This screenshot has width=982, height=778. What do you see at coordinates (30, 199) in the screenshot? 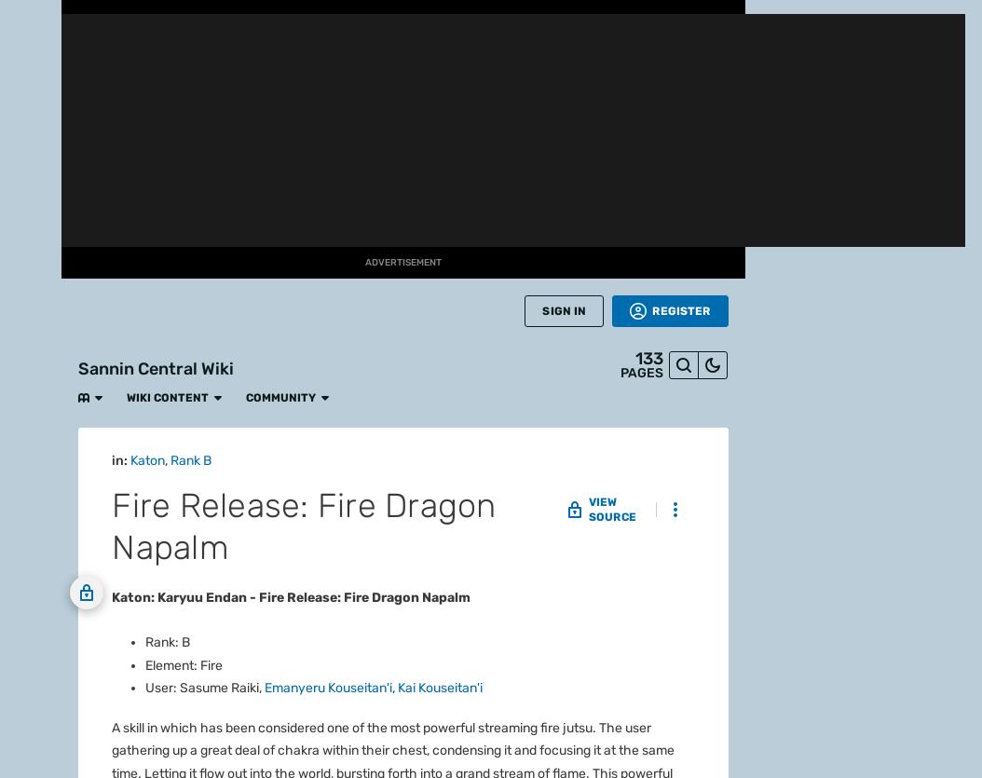
I see `'BETA'` at bounding box center [30, 199].